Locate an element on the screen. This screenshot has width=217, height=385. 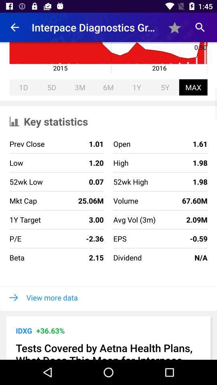
the eps is located at coordinates (119, 239).